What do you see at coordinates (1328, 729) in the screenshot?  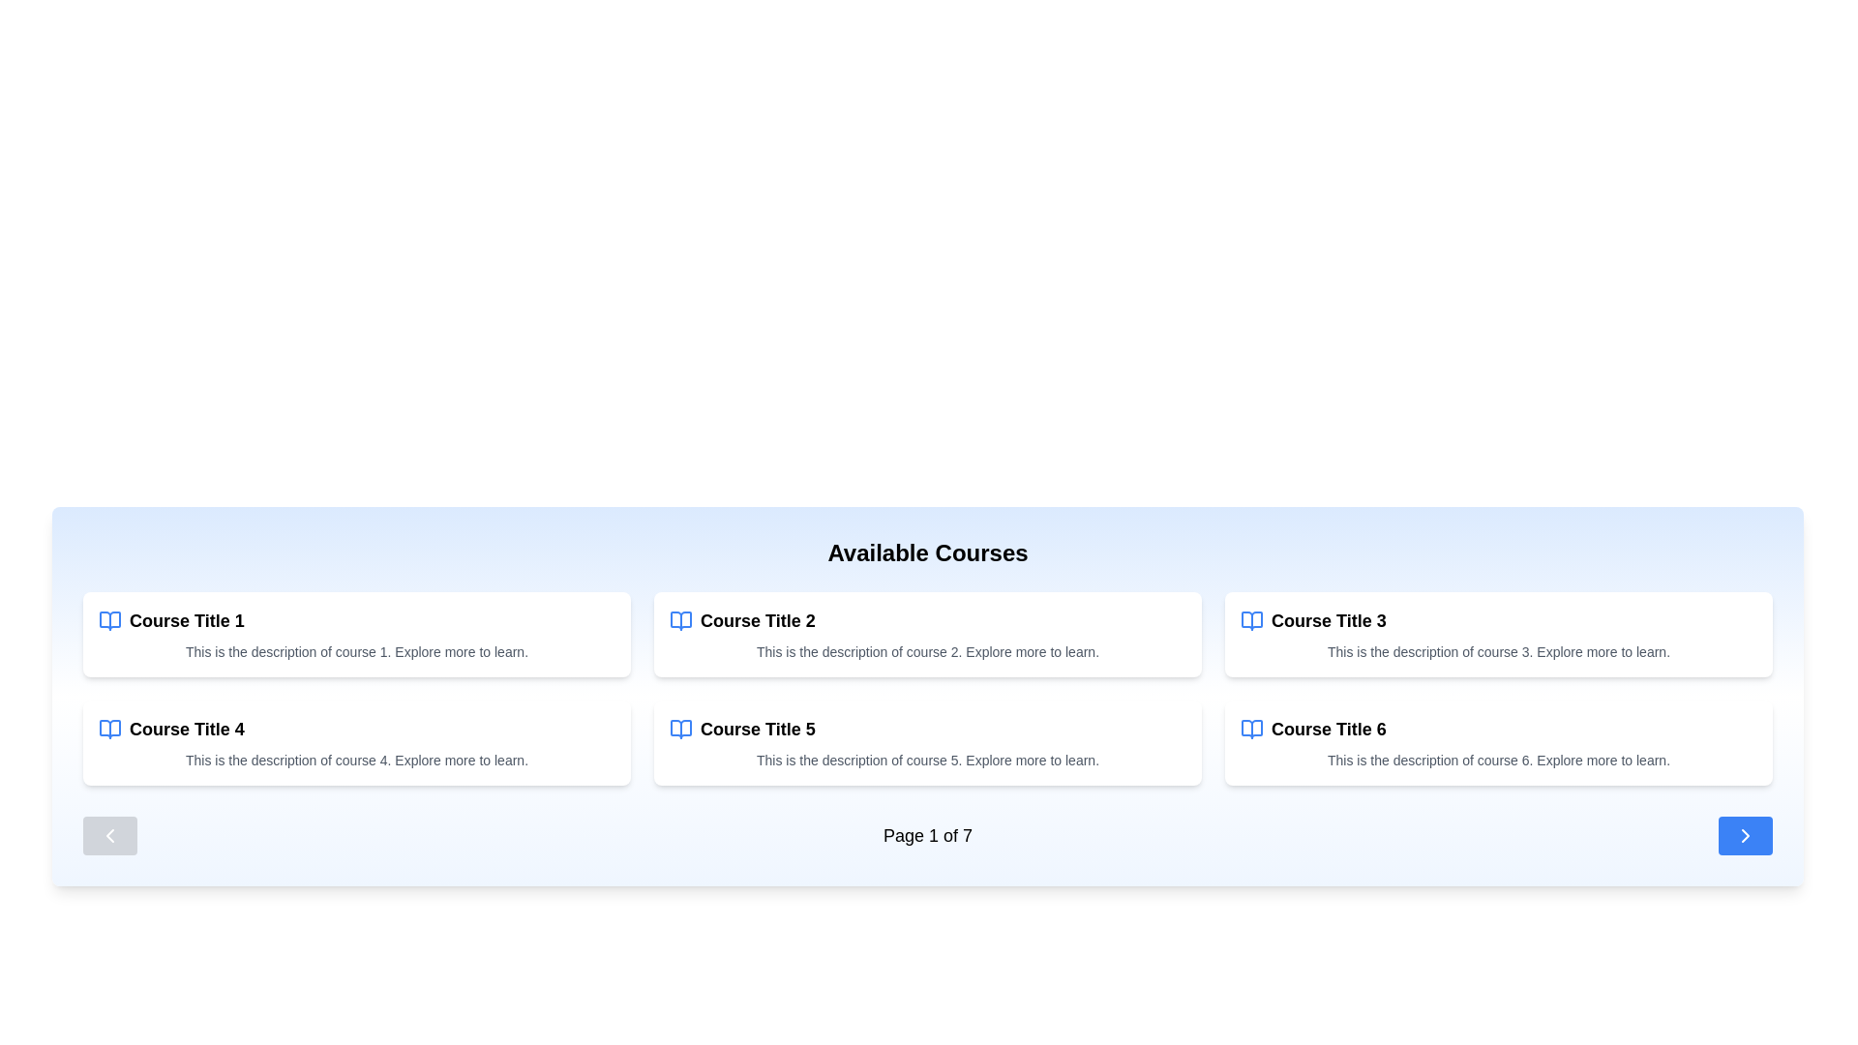 I see `the text element displaying 'Course Title 6' located in the bottom-right card of a 2-row, 3-column grid layout of courses` at bounding box center [1328, 729].